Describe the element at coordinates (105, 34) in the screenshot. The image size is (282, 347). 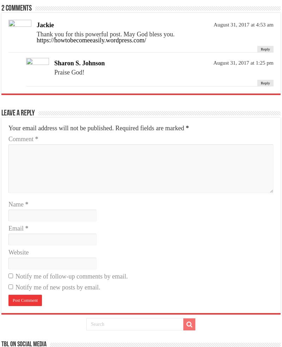
I see `'Thank you for this powerful post. May God bless you.'` at that location.